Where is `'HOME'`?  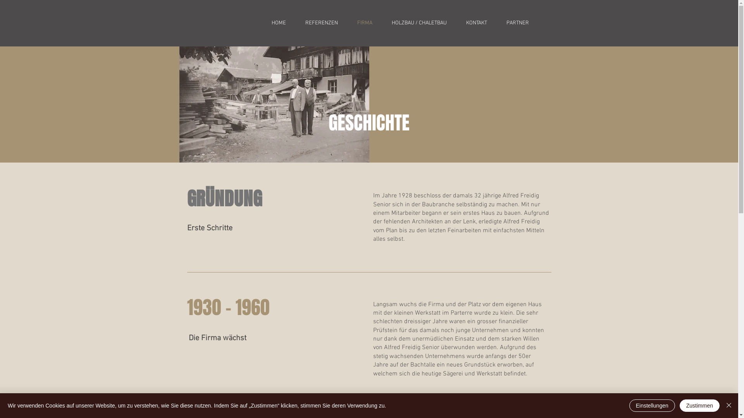
'HOME' is located at coordinates (279, 23).